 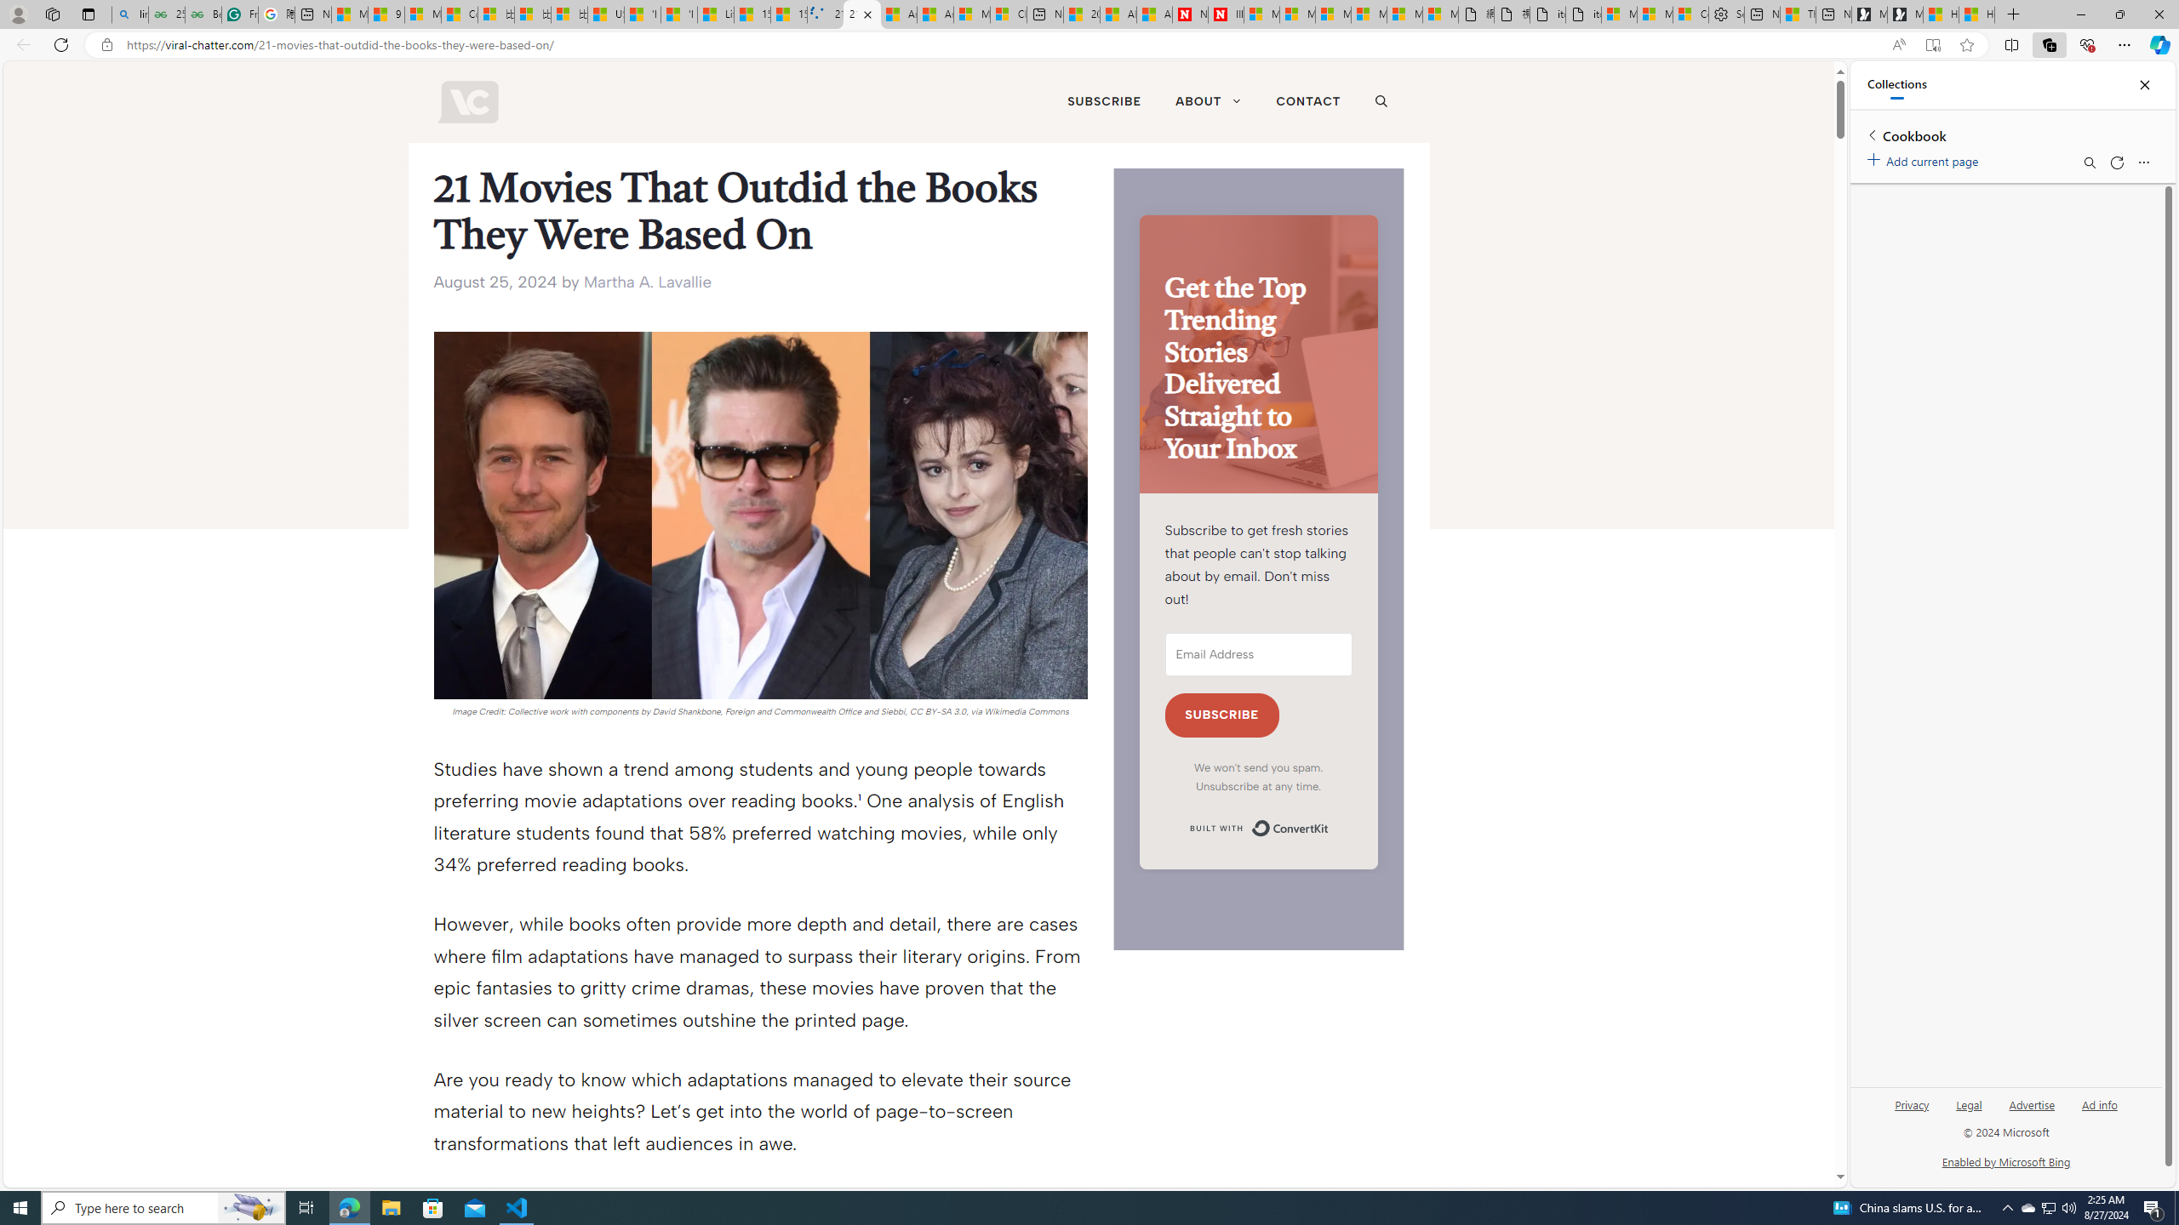 What do you see at coordinates (1970, 1104) in the screenshot?
I see `'Legal'` at bounding box center [1970, 1104].